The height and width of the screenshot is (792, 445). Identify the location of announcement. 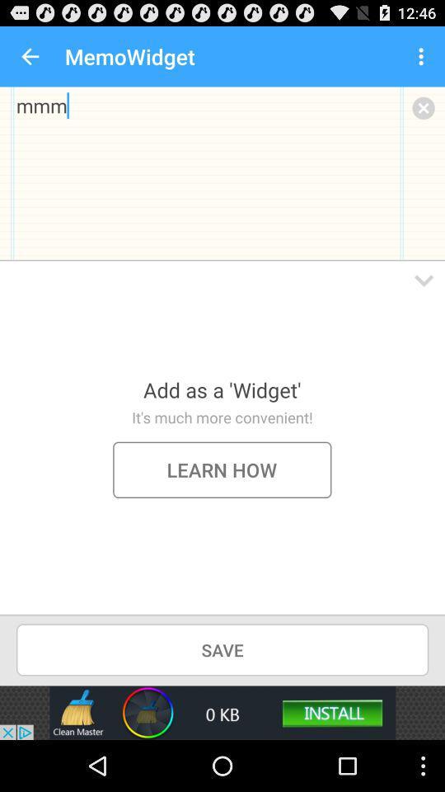
(222, 712).